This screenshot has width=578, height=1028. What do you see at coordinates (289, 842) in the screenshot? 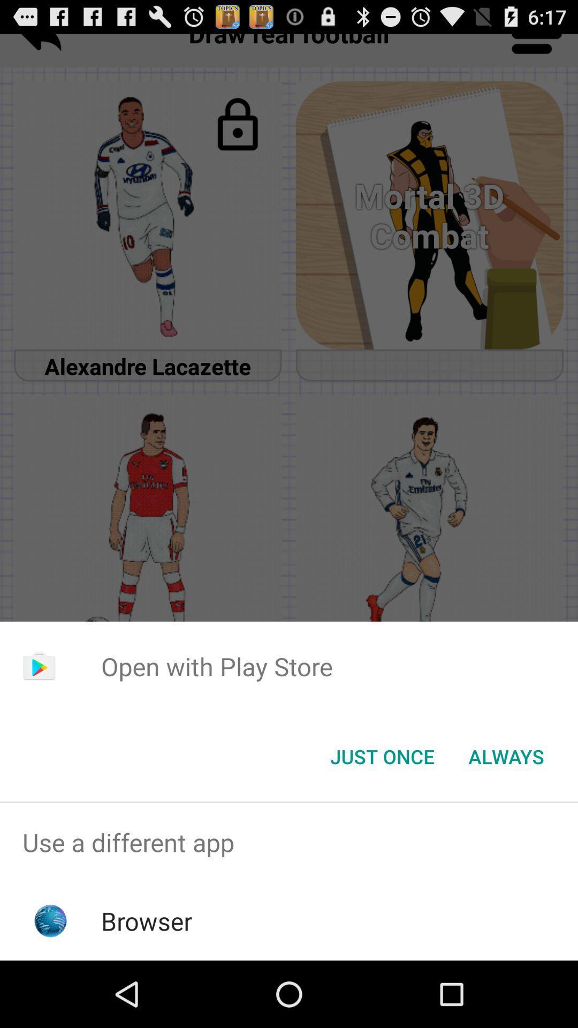
I see `the icon above the browser item` at bounding box center [289, 842].